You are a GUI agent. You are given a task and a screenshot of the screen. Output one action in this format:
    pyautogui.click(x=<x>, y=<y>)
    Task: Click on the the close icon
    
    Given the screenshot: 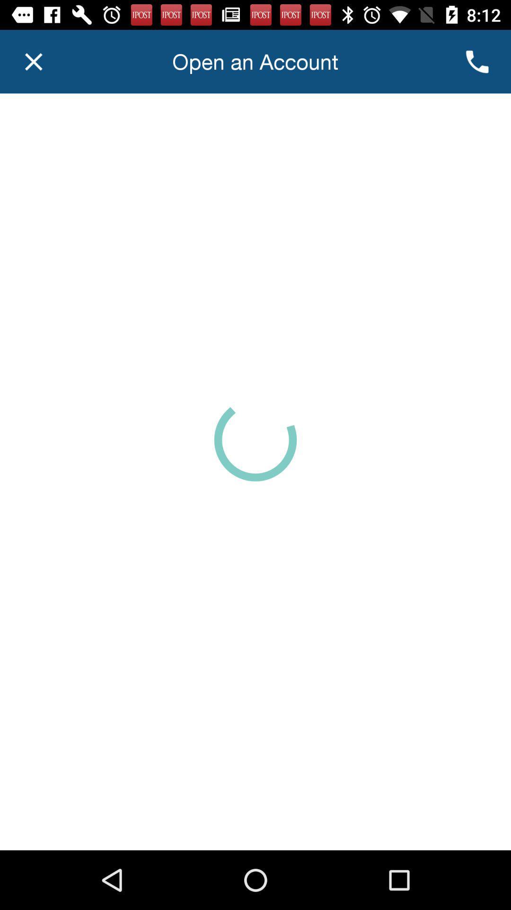 What is the action you would take?
    pyautogui.click(x=62, y=61)
    